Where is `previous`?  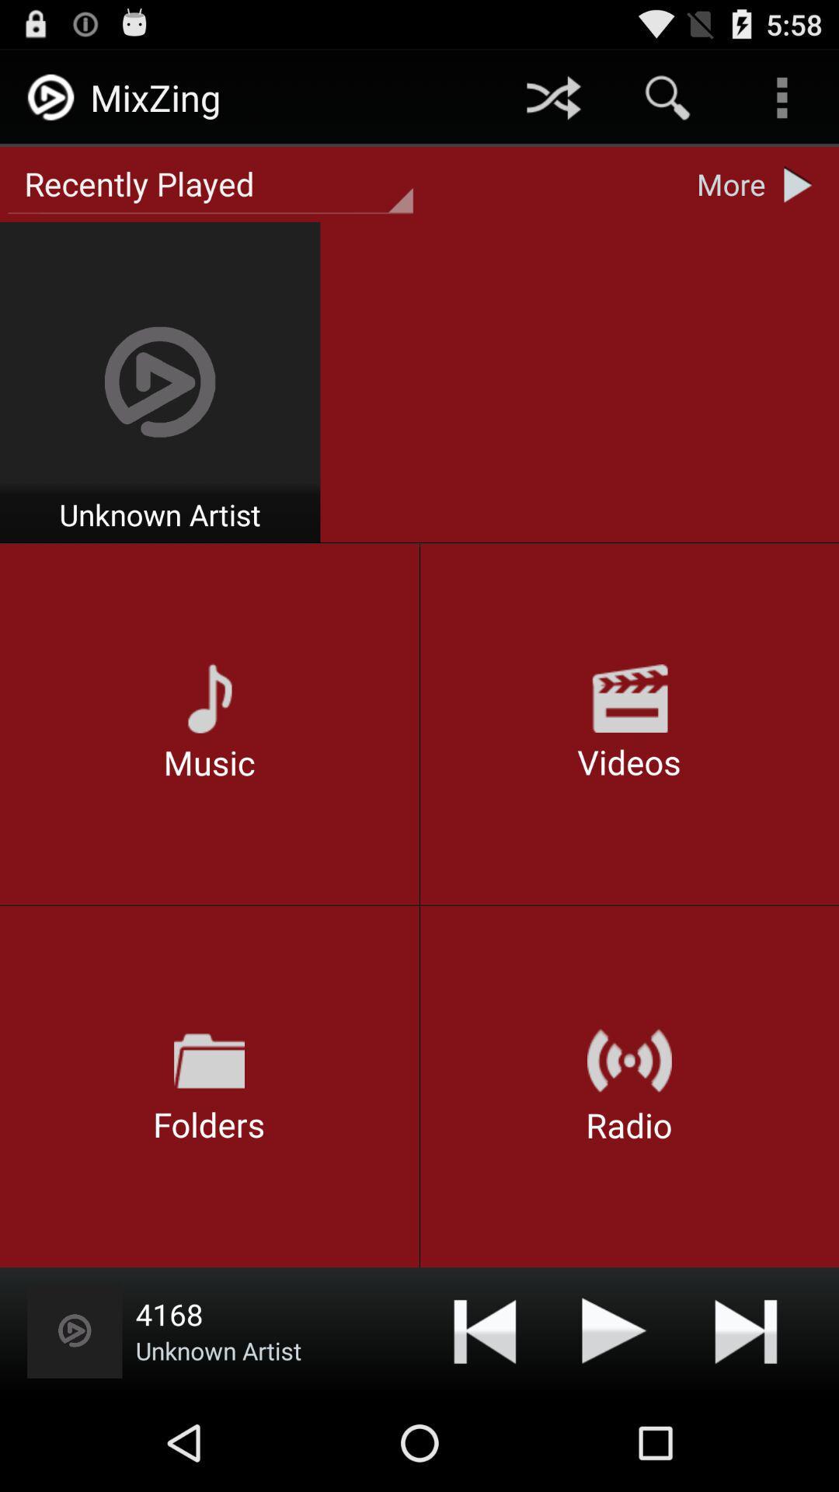
previous is located at coordinates (484, 1330).